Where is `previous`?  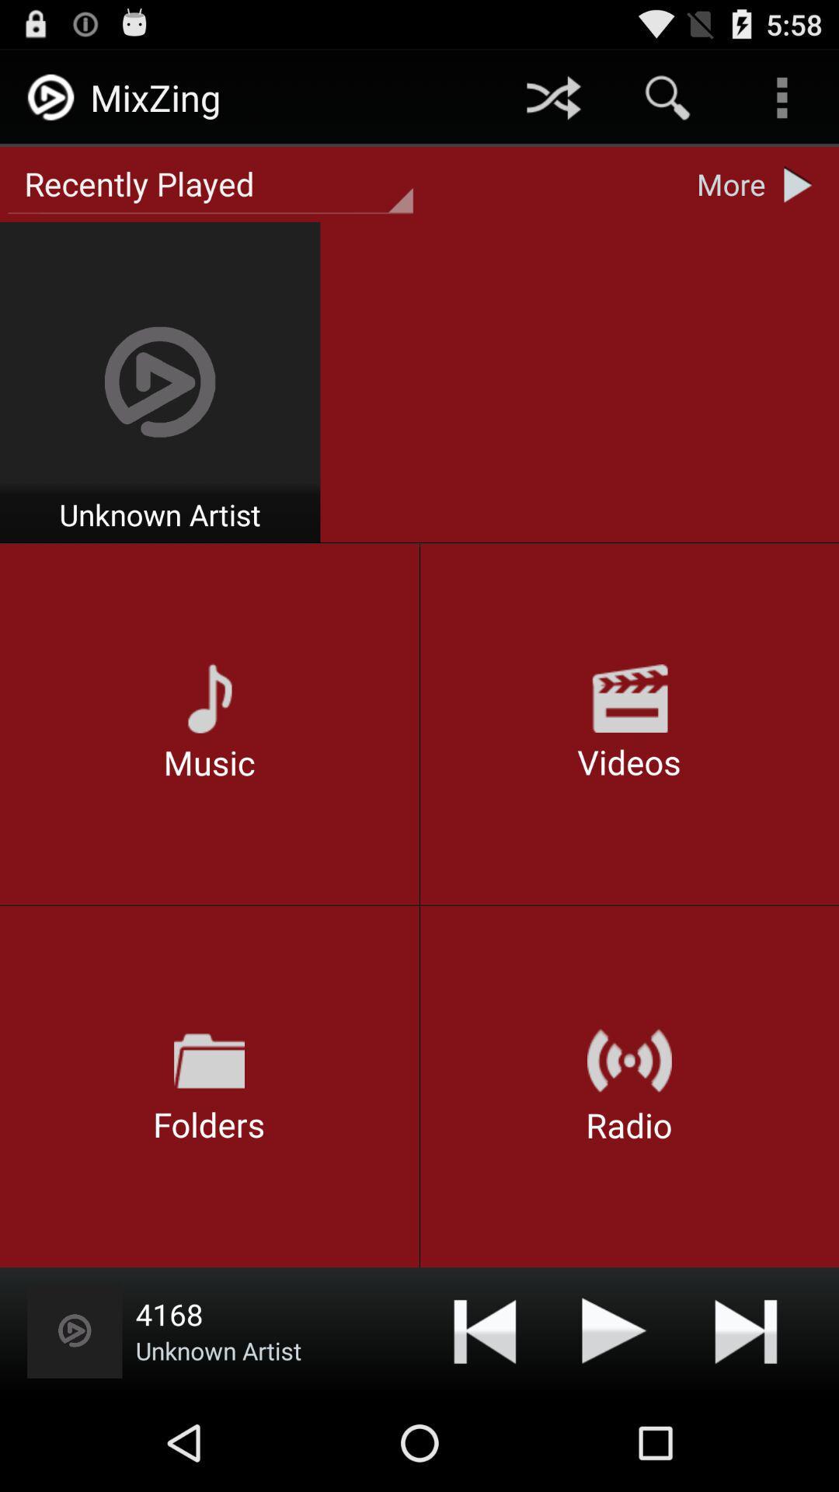
previous is located at coordinates (484, 1330).